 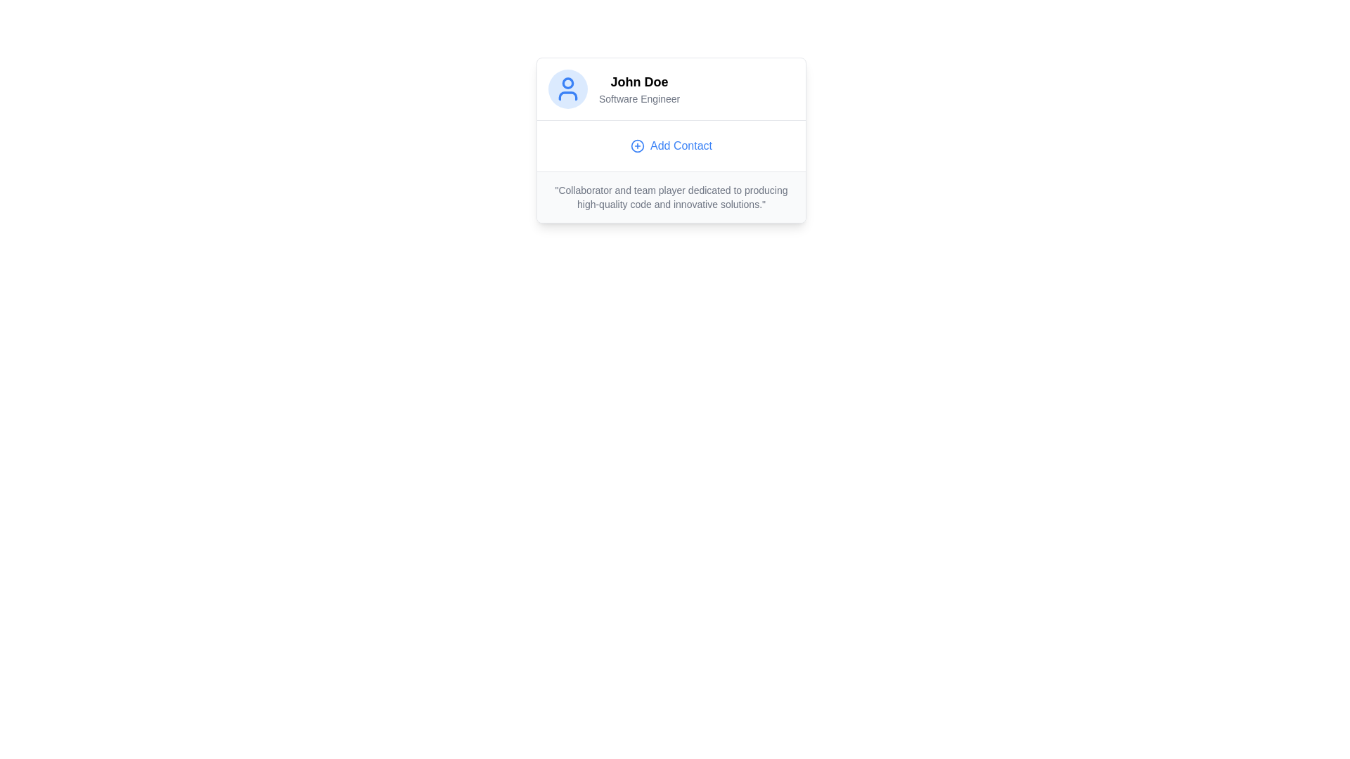 What do you see at coordinates (671, 146) in the screenshot?
I see `the 'Add Contact' button, which is a blue button with a circle-plus icon, located centrally below the username and title display section` at bounding box center [671, 146].